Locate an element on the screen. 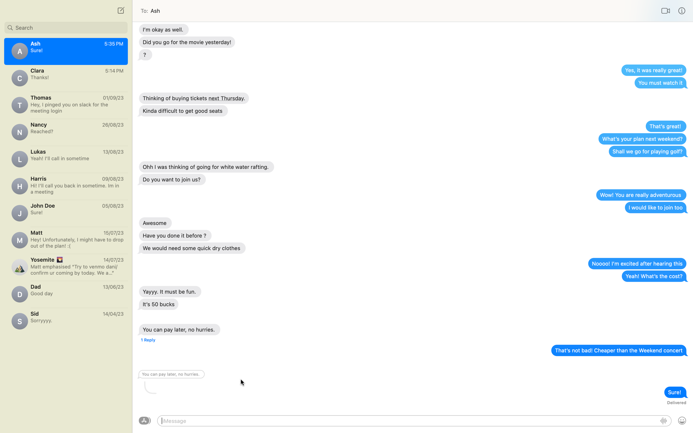  Activate the "Next weekend plan" option is located at coordinates (642, 138).